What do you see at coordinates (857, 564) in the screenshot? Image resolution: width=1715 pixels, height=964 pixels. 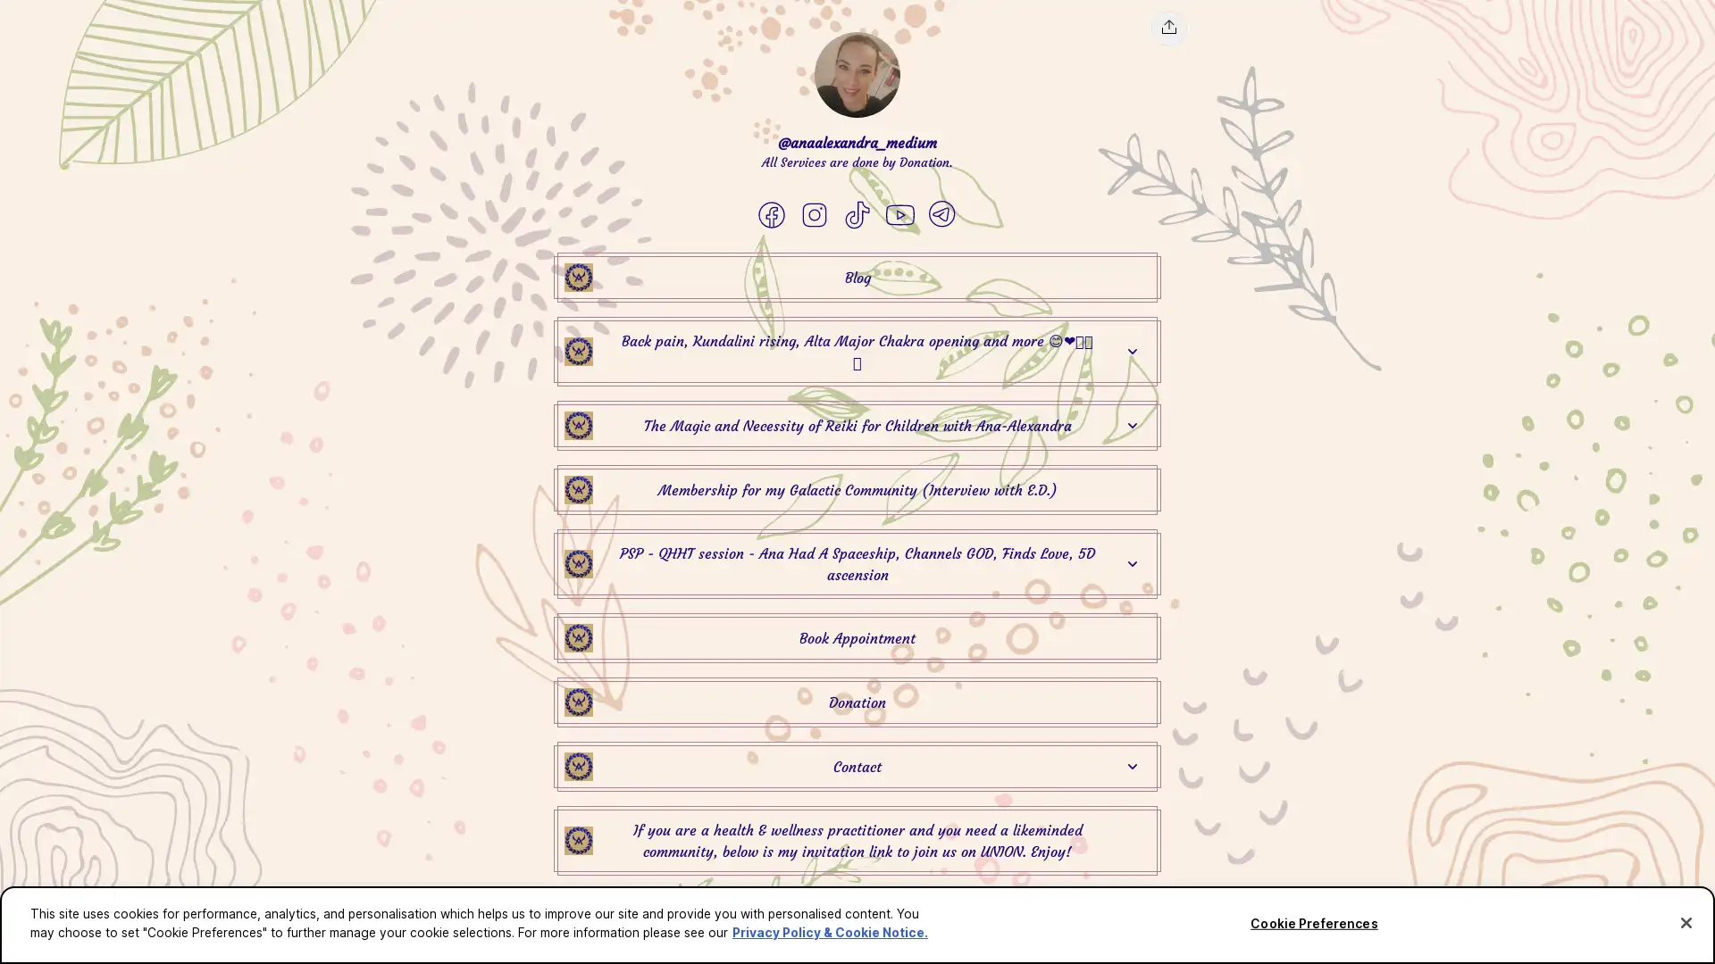 I see `@anaalexandra_medium PSP - QHHT session - Ana Had A Spaceship, Channels GOD, Finds Love, 5D ascension Link Thumbnail | Linktree PSP - QHHT session - Ana Had A Spaceship, Channels GOD, Finds Love, 5D ascension Expand` at bounding box center [857, 564].